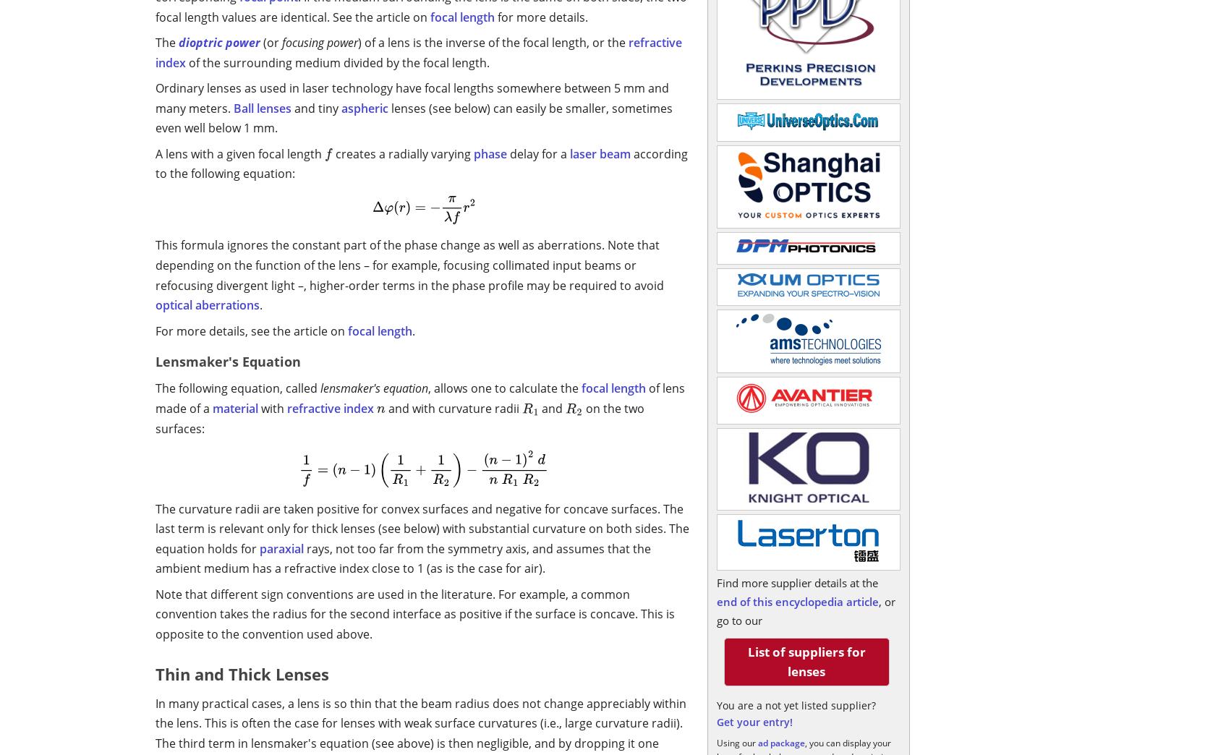 The width and height of the screenshot is (1226, 755). I want to click on 'end of this encyclopedia article', so click(715, 601).